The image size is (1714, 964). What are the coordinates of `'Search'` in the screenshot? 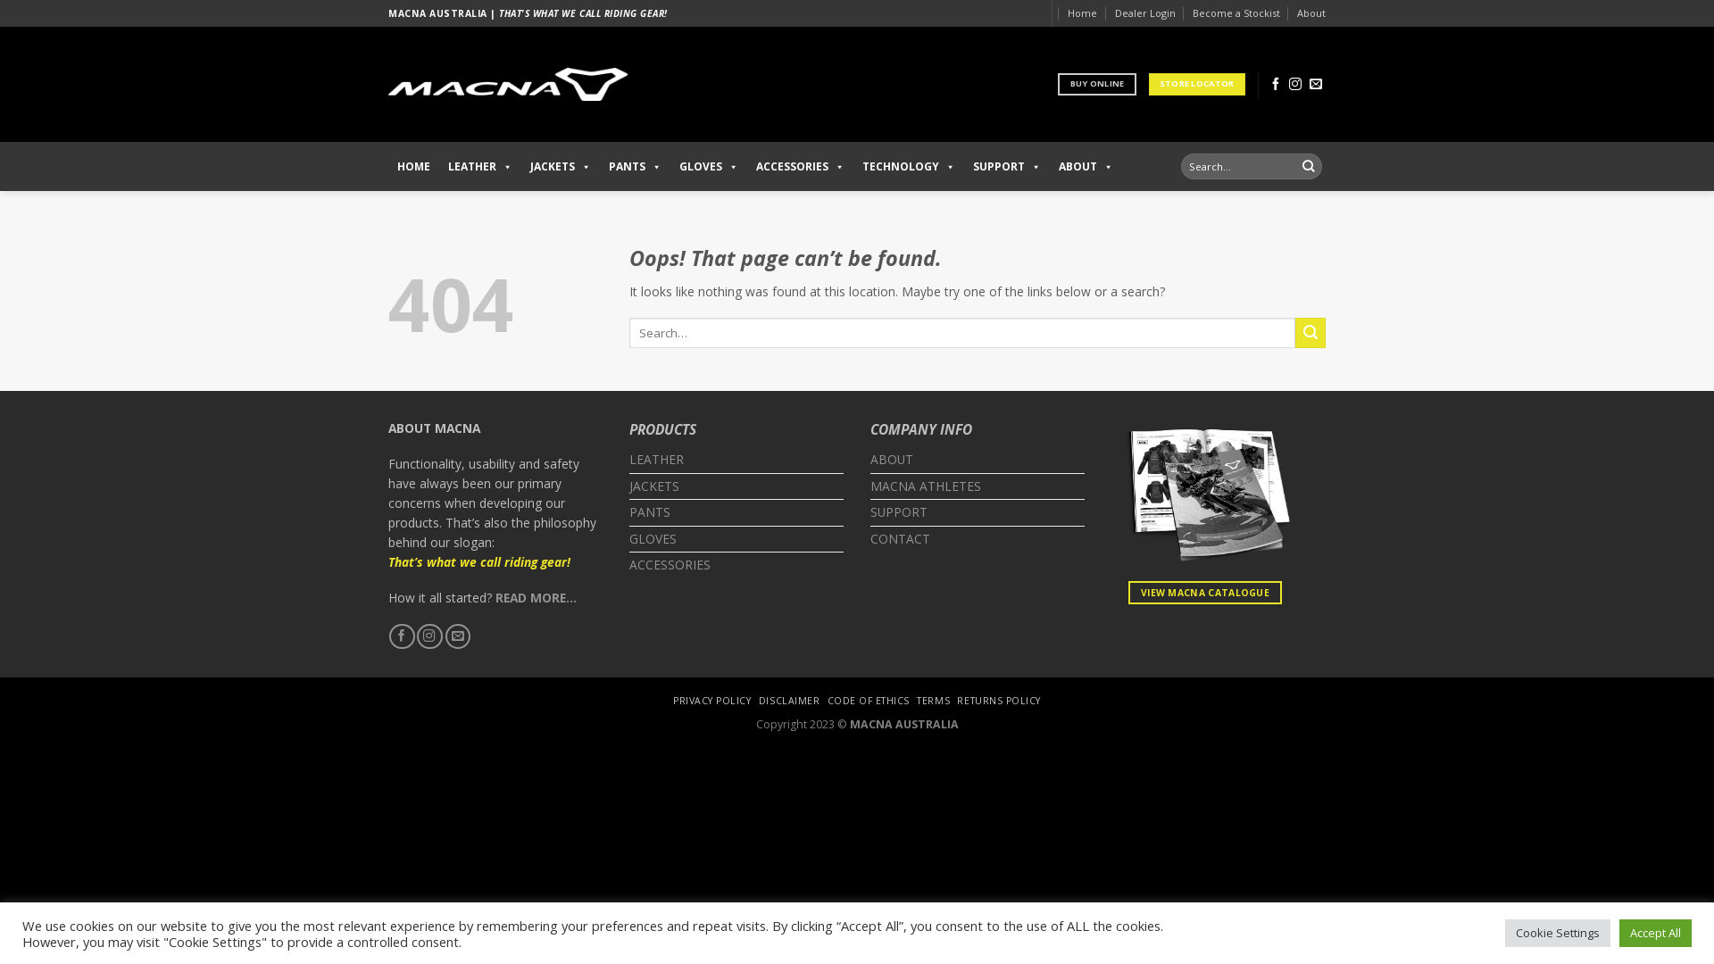 It's located at (1294, 166).